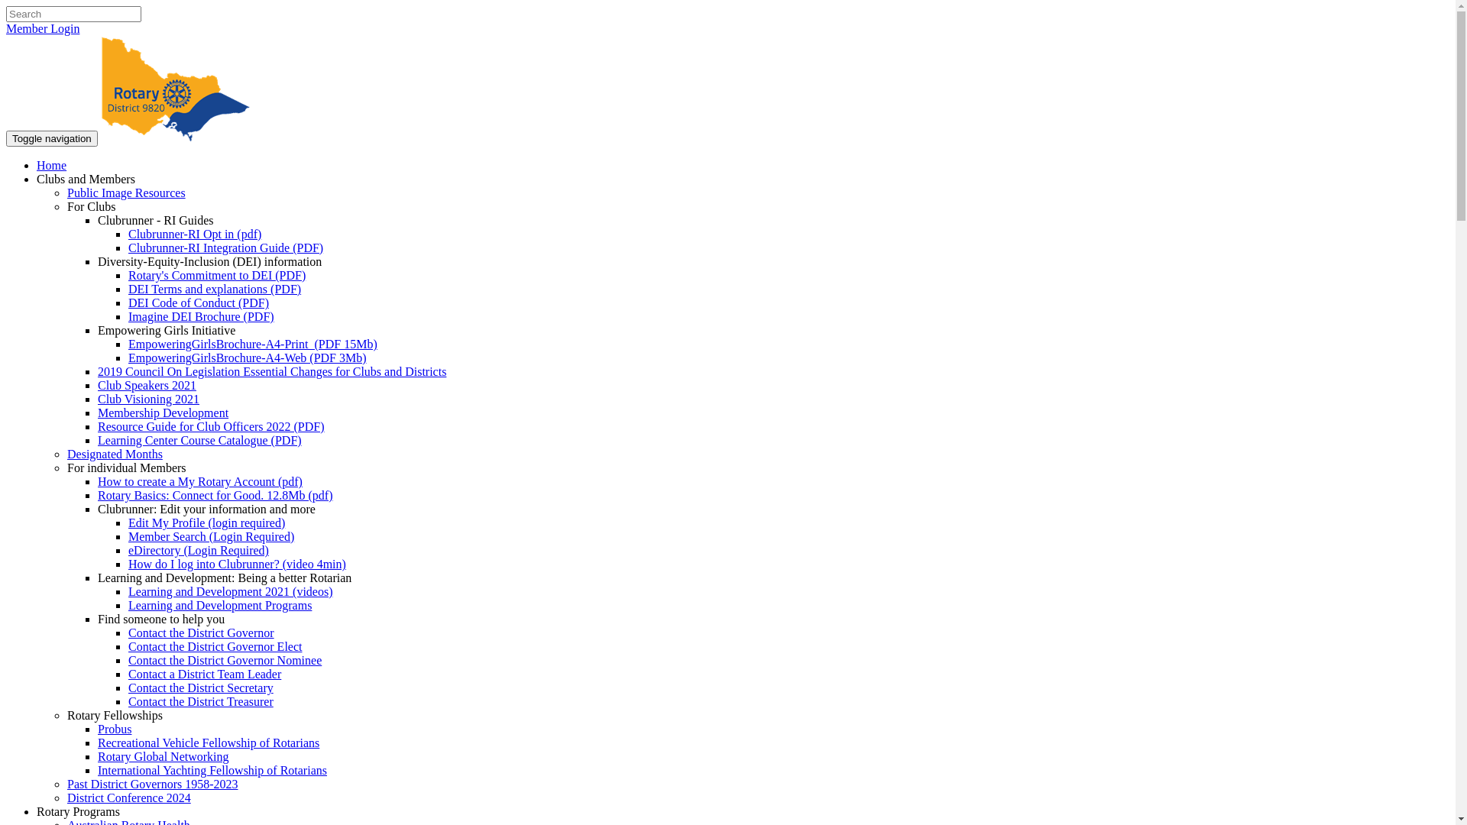 Image resolution: width=1467 pixels, height=825 pixels. Describe the element at coordinates (236, 564) in the screenshot. I see `'How do I log into Clubrunner? (video 4min)'` at that location.